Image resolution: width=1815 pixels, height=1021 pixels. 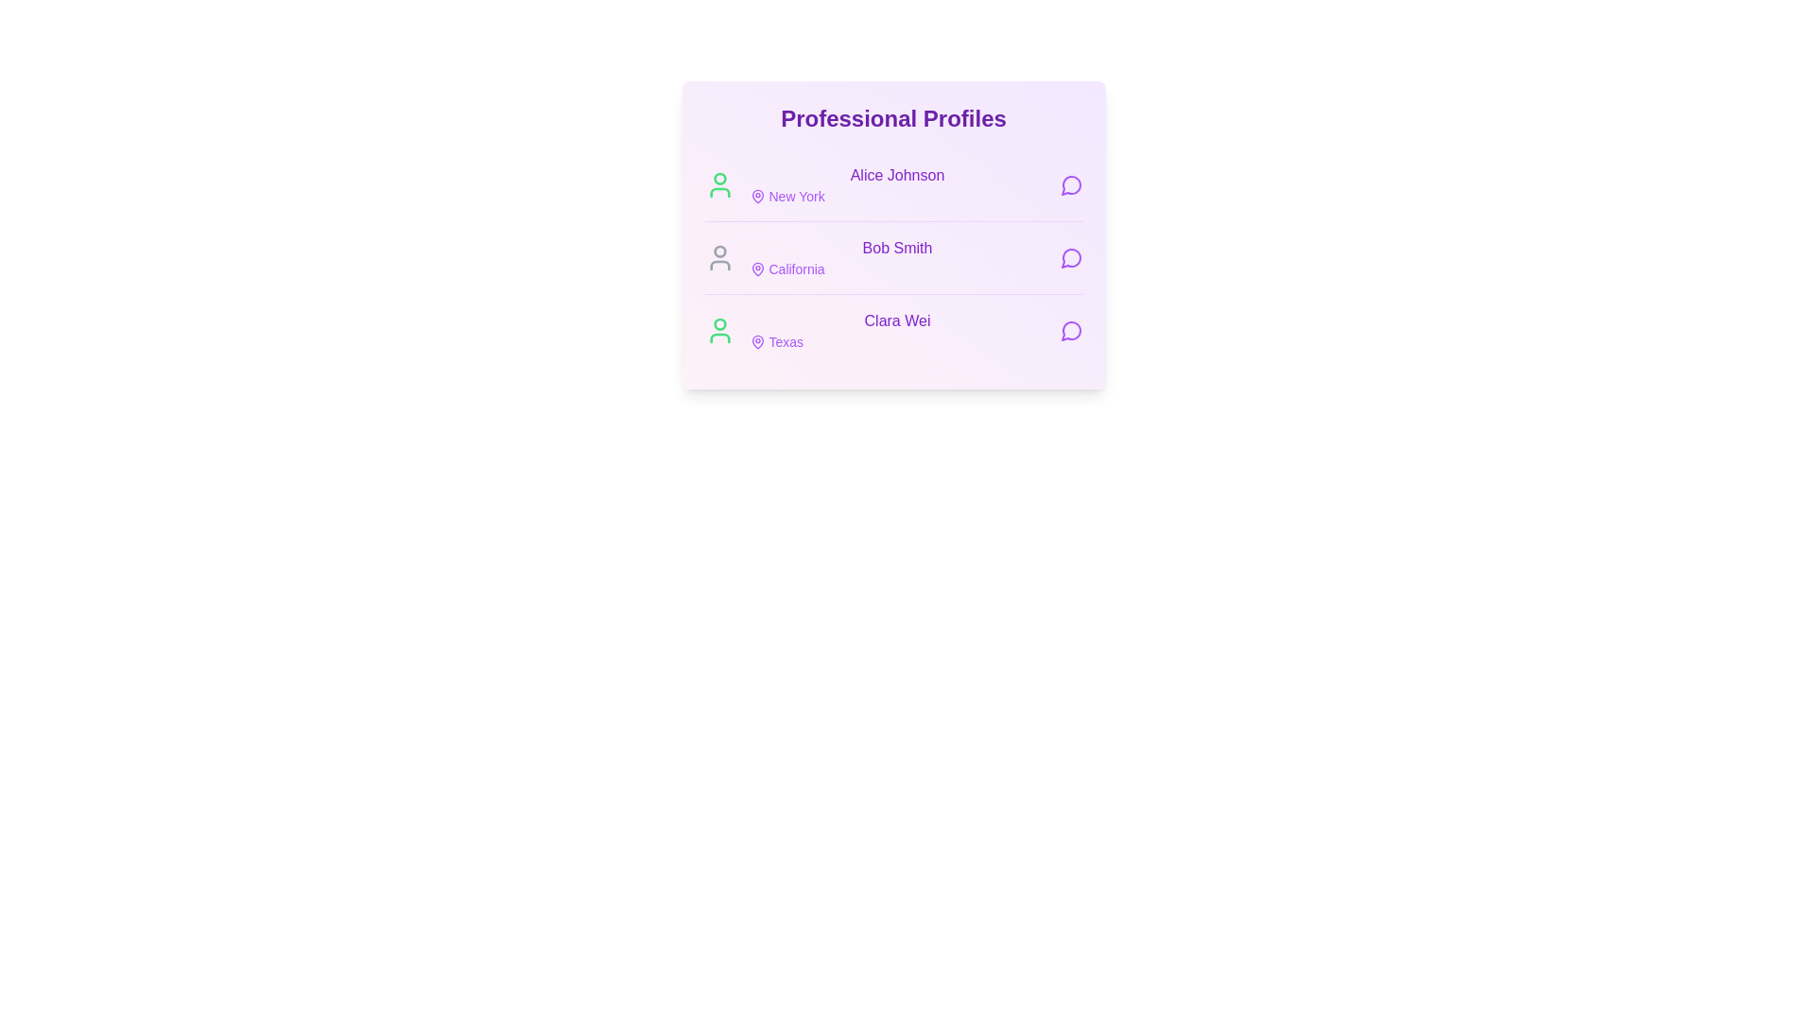 What do you see at coordinates (718, 258) in the screenshot?
I see `the user icon corresponding to Bob Smith to indicate their online status` at bounding box center [718, 258].